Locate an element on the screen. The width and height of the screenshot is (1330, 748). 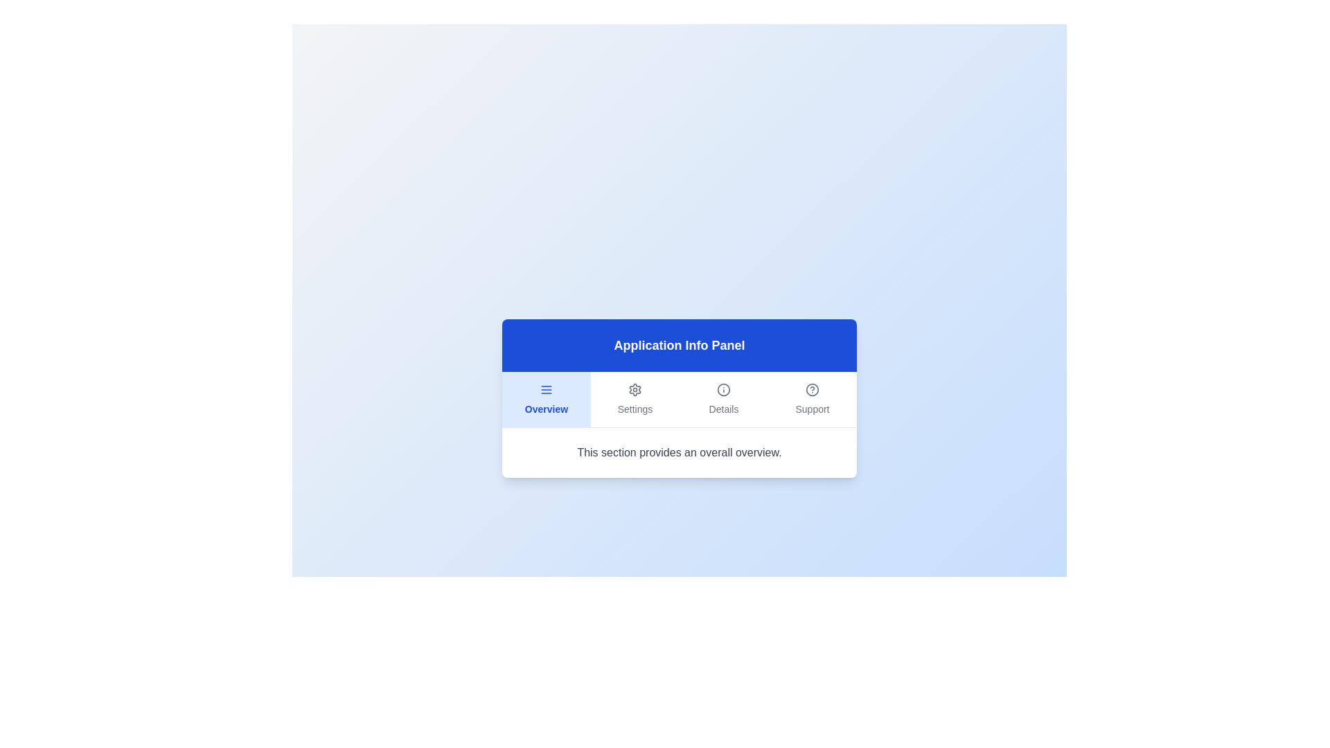
the Support tab by clicking on it is located at coordinates (812, 399).